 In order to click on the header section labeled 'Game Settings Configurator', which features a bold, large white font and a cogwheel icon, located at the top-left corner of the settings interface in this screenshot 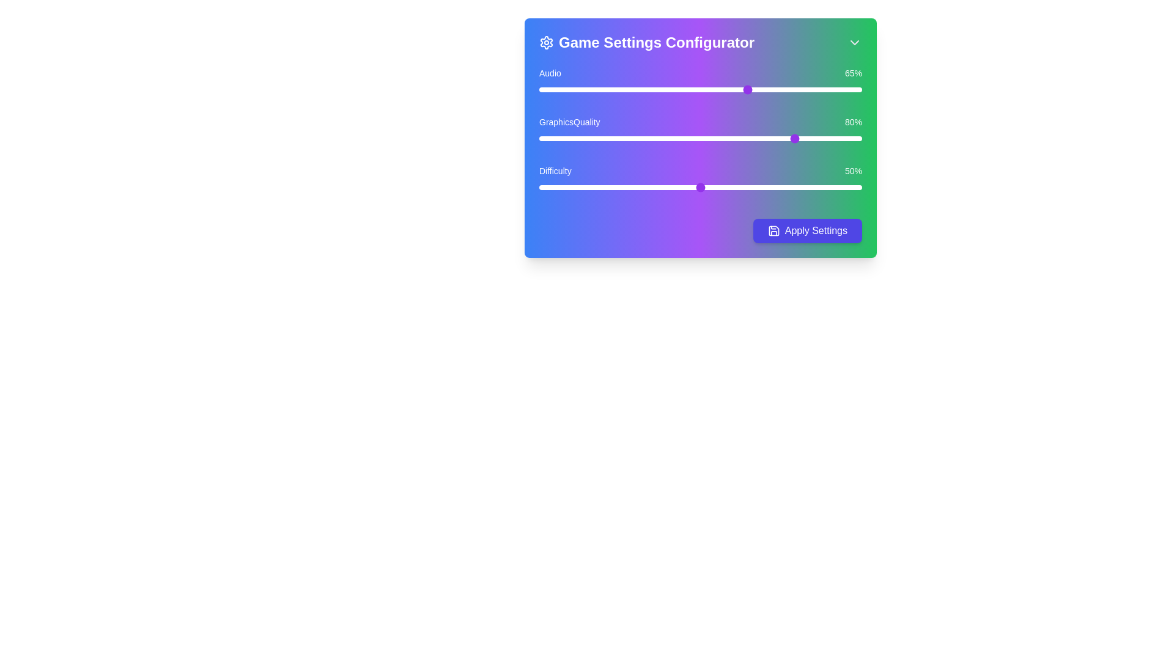, I will do `click(646, 42)`.